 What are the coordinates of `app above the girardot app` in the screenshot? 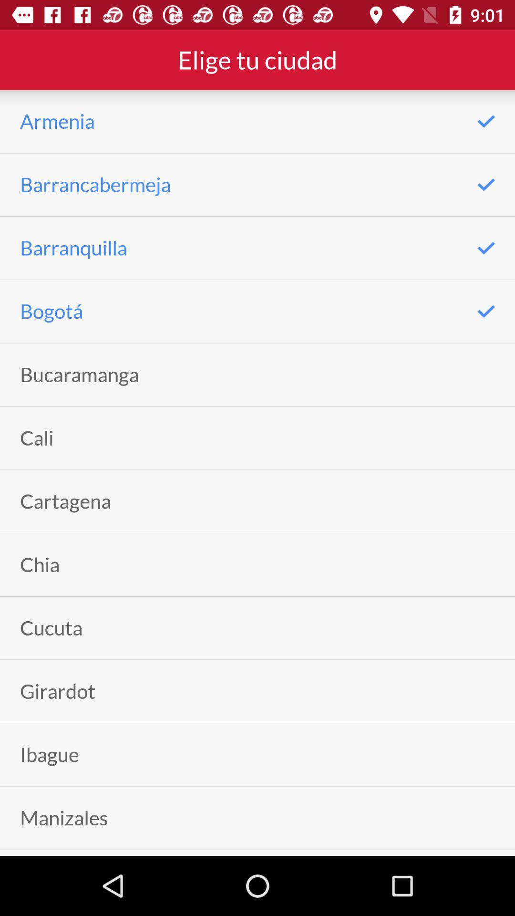 It's located at (51, 628).